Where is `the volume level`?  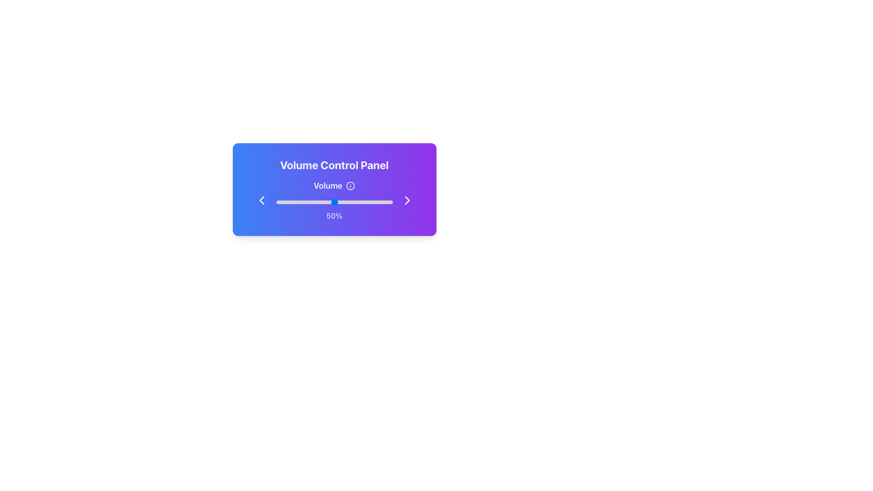
the volume level is located at coordinates (285, 201).